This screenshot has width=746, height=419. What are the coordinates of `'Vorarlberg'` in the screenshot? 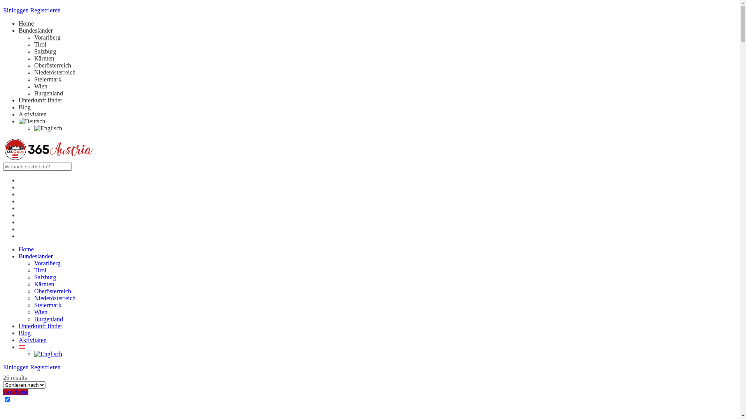 It's located at (47, 246).